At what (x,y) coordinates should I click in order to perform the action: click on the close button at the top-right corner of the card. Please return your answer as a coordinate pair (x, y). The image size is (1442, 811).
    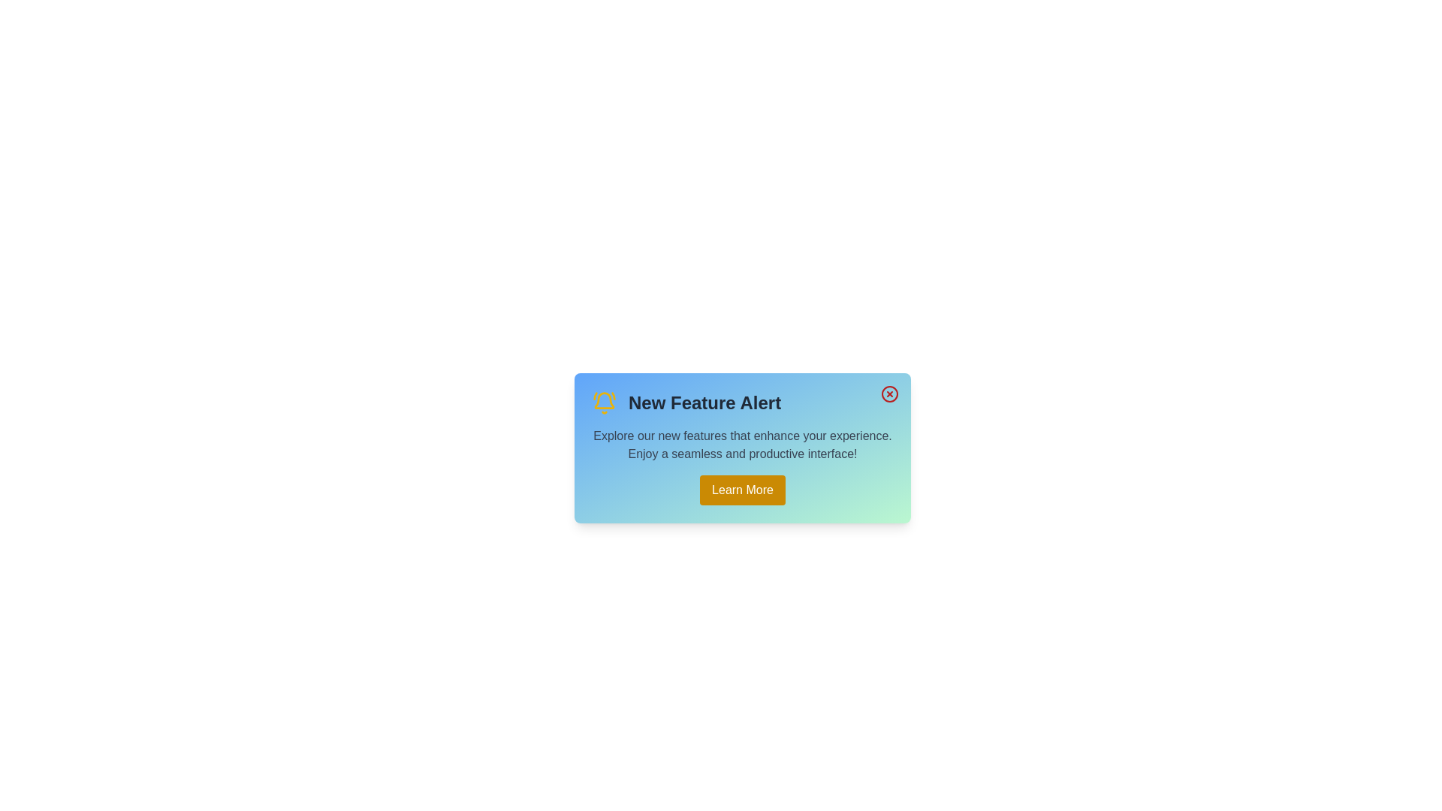
    Looking at the image, I should click on (890, 393).